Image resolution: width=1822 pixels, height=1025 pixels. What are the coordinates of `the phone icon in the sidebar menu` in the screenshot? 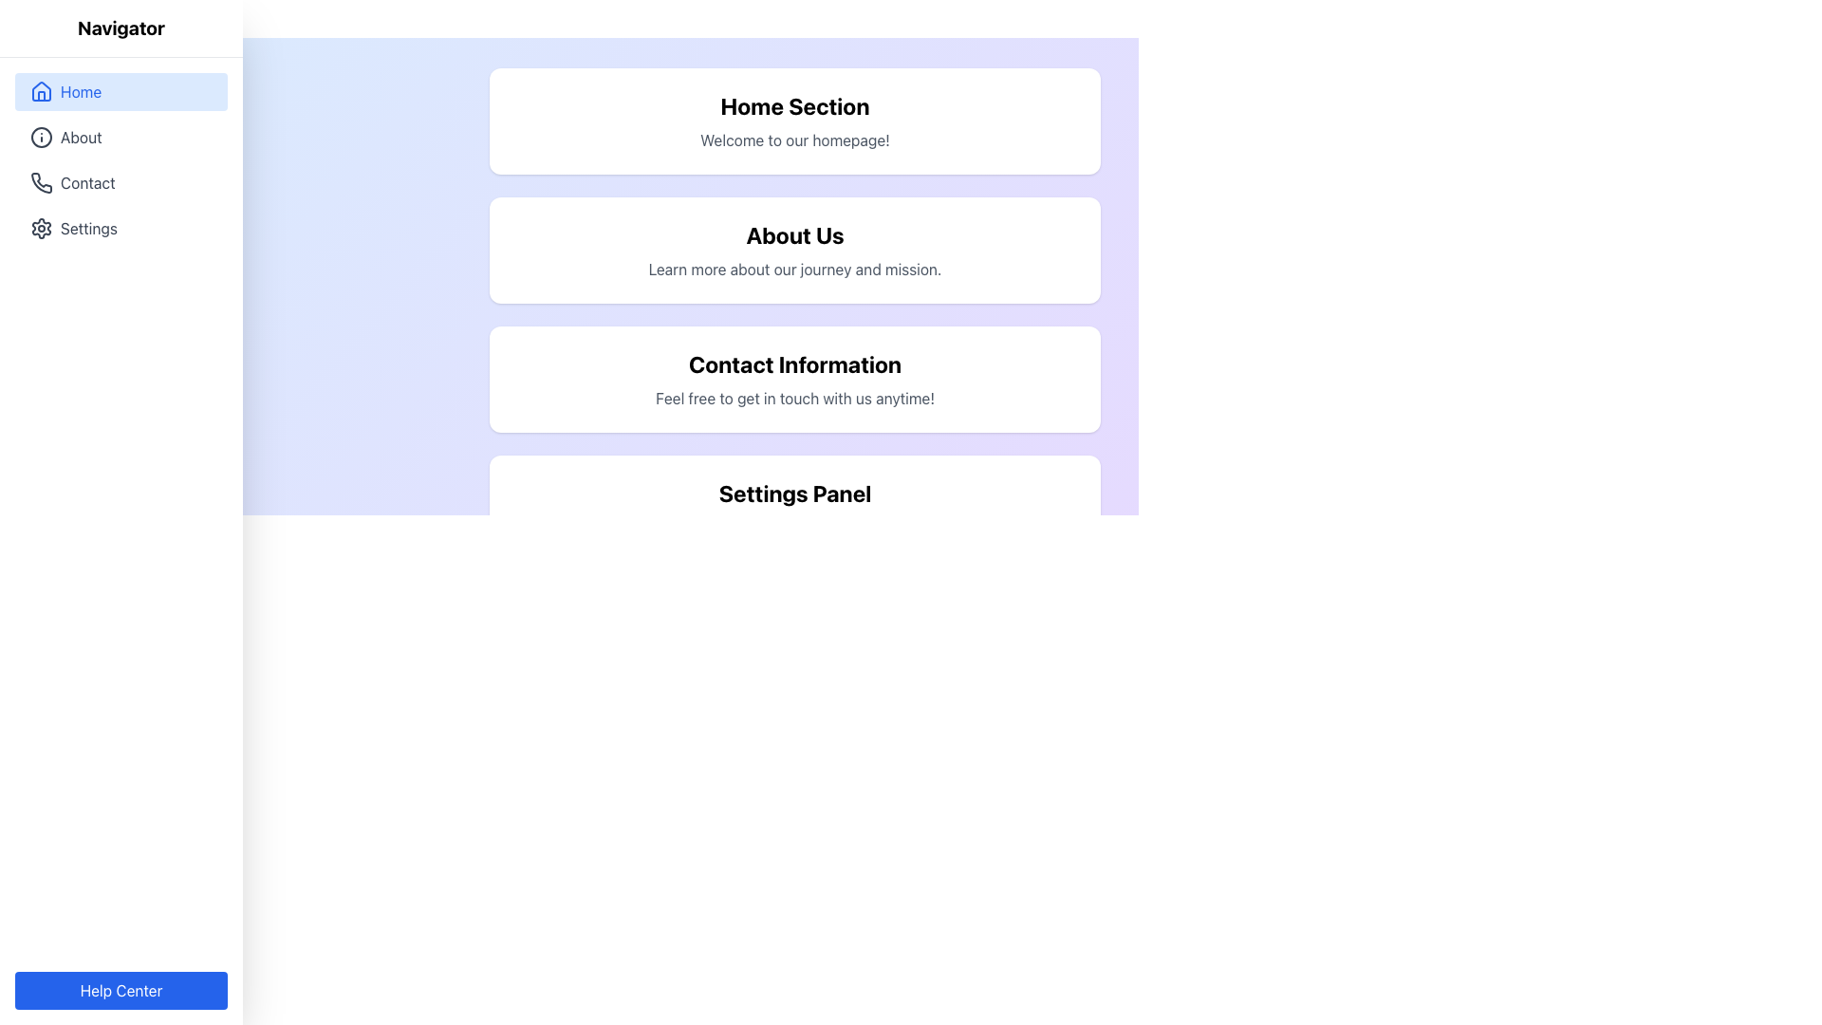 It's located at (41, 182).